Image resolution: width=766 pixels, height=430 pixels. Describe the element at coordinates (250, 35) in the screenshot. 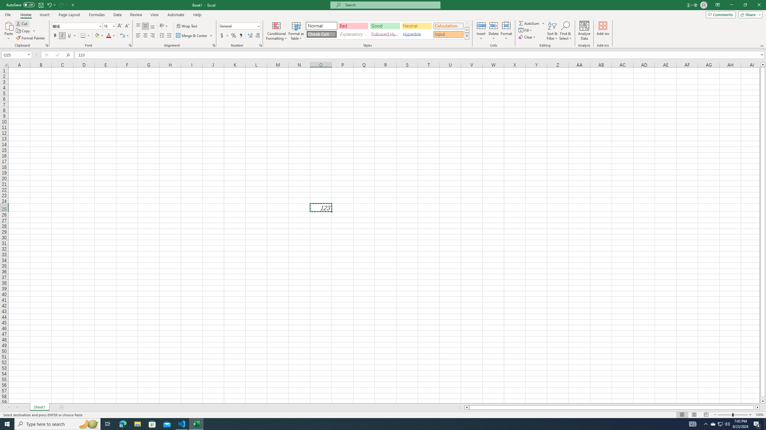

I see `'Increase Decimal'` at that location.